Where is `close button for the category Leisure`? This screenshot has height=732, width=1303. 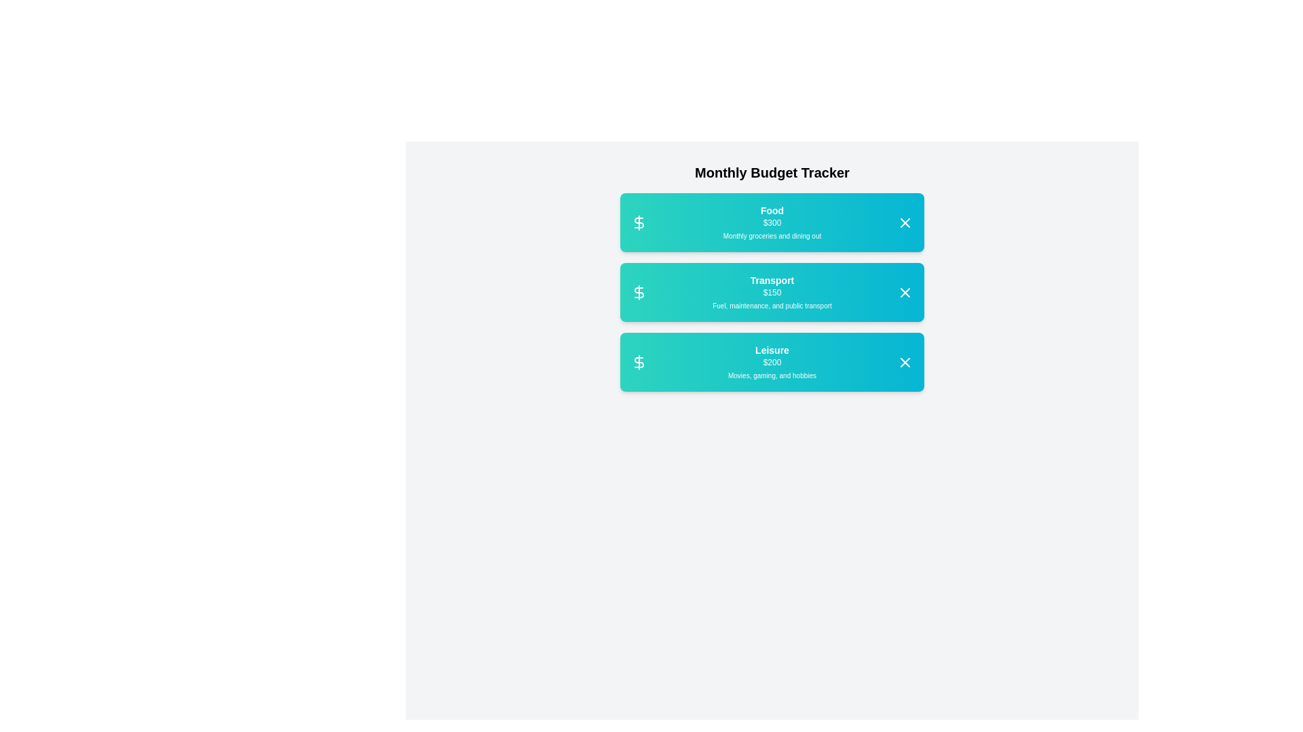 close button for the category Leisure is located at coordinates (905, 361).